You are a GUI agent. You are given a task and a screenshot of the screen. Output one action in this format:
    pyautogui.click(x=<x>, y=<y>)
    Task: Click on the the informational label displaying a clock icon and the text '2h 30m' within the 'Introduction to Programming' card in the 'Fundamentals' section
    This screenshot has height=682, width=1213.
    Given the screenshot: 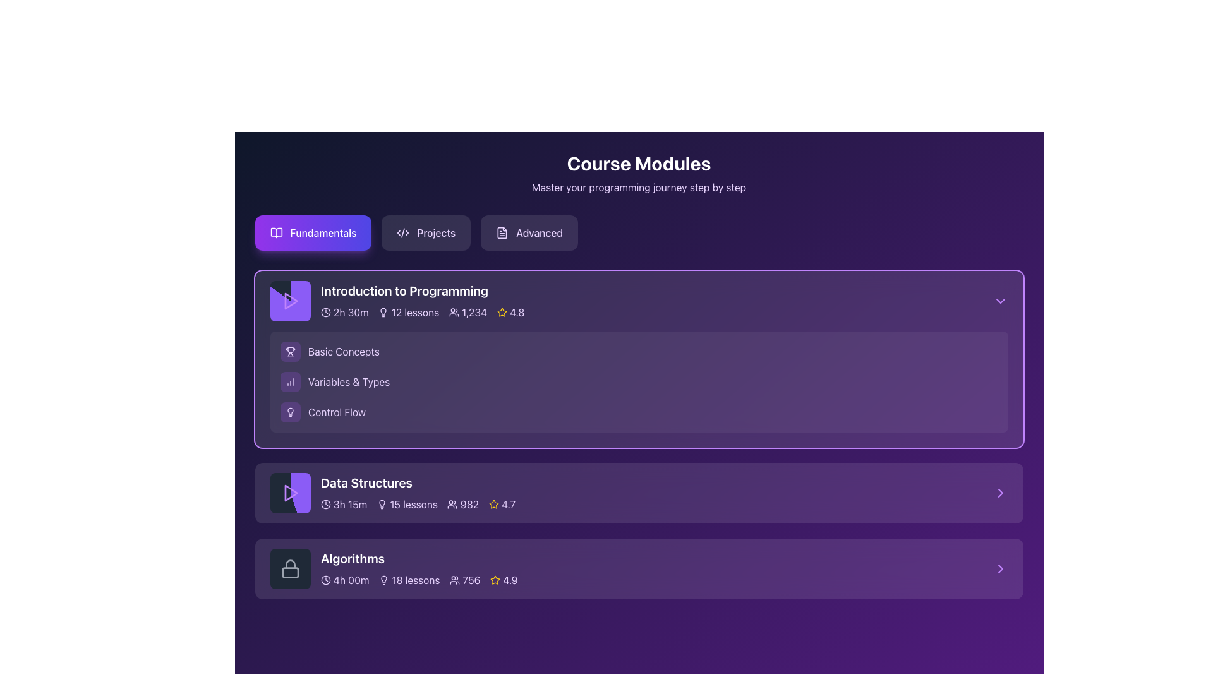 What is the action you would take?
    pyautogui.click(x=344, y=312)
    